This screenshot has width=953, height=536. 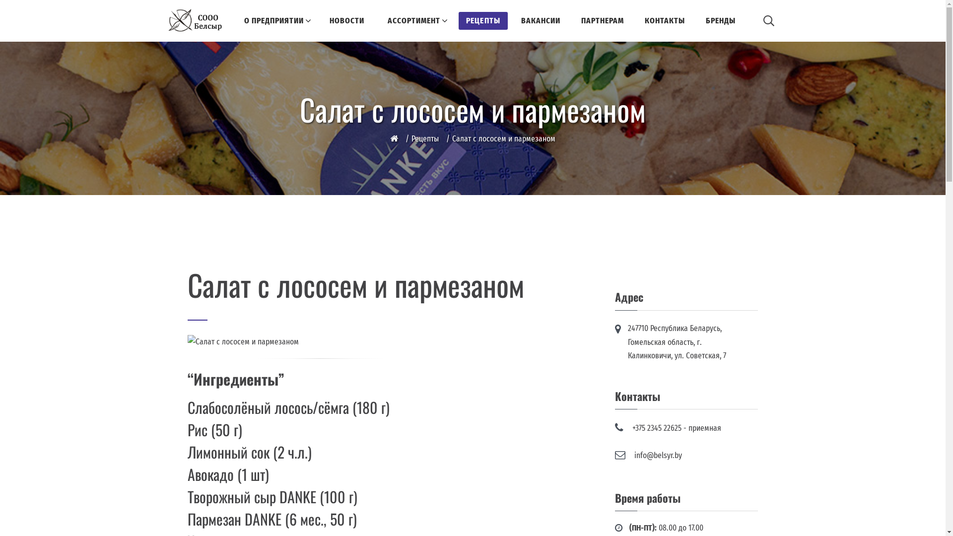 What do you see at coordinates (633, 455) in the screenshot?
I see `'info@belsyr.by'` at bounding box center [633, 455].